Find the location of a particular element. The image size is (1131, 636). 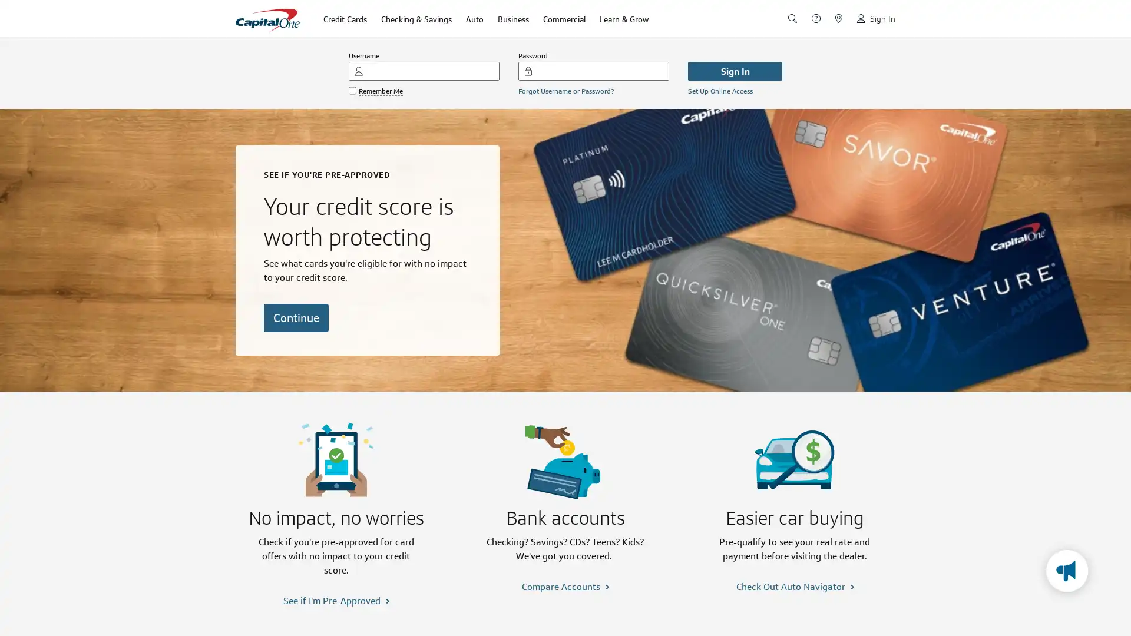

Sign In is located at coordinates (735, 71).